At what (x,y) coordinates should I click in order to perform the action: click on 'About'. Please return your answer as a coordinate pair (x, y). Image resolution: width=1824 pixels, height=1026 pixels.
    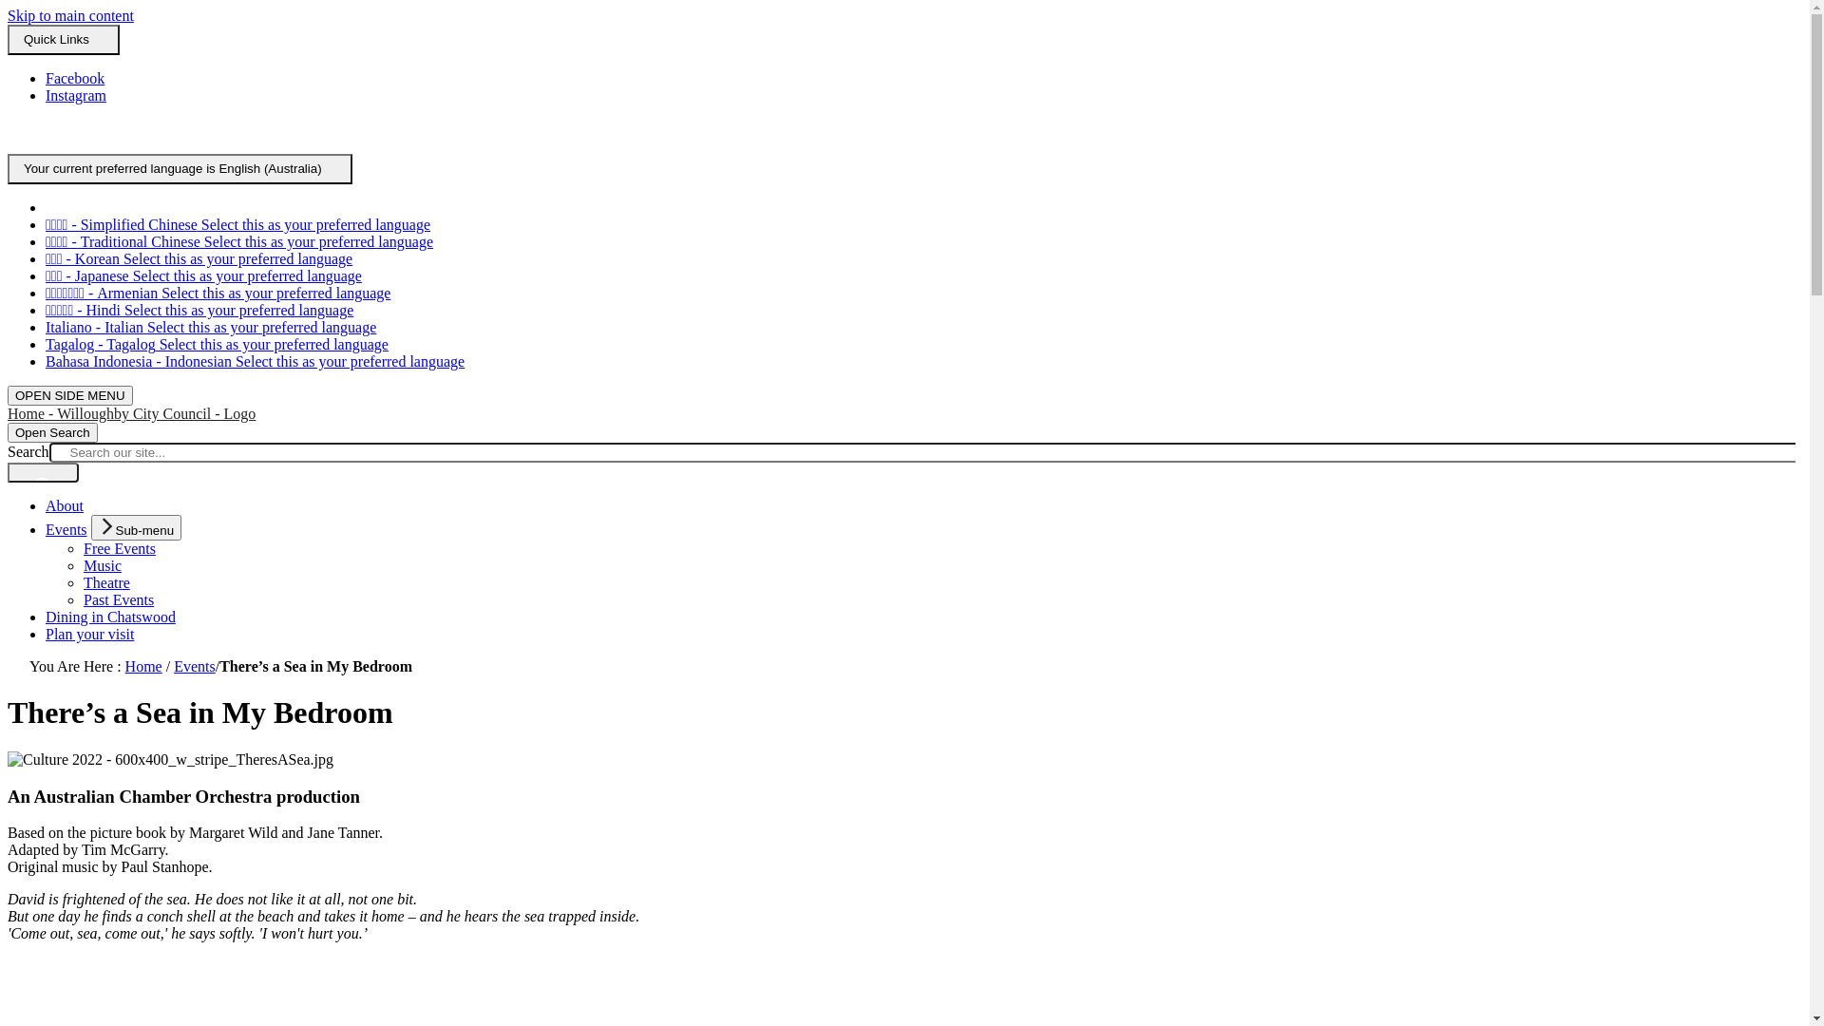
    Looking at the image, I should click on (64, 504).